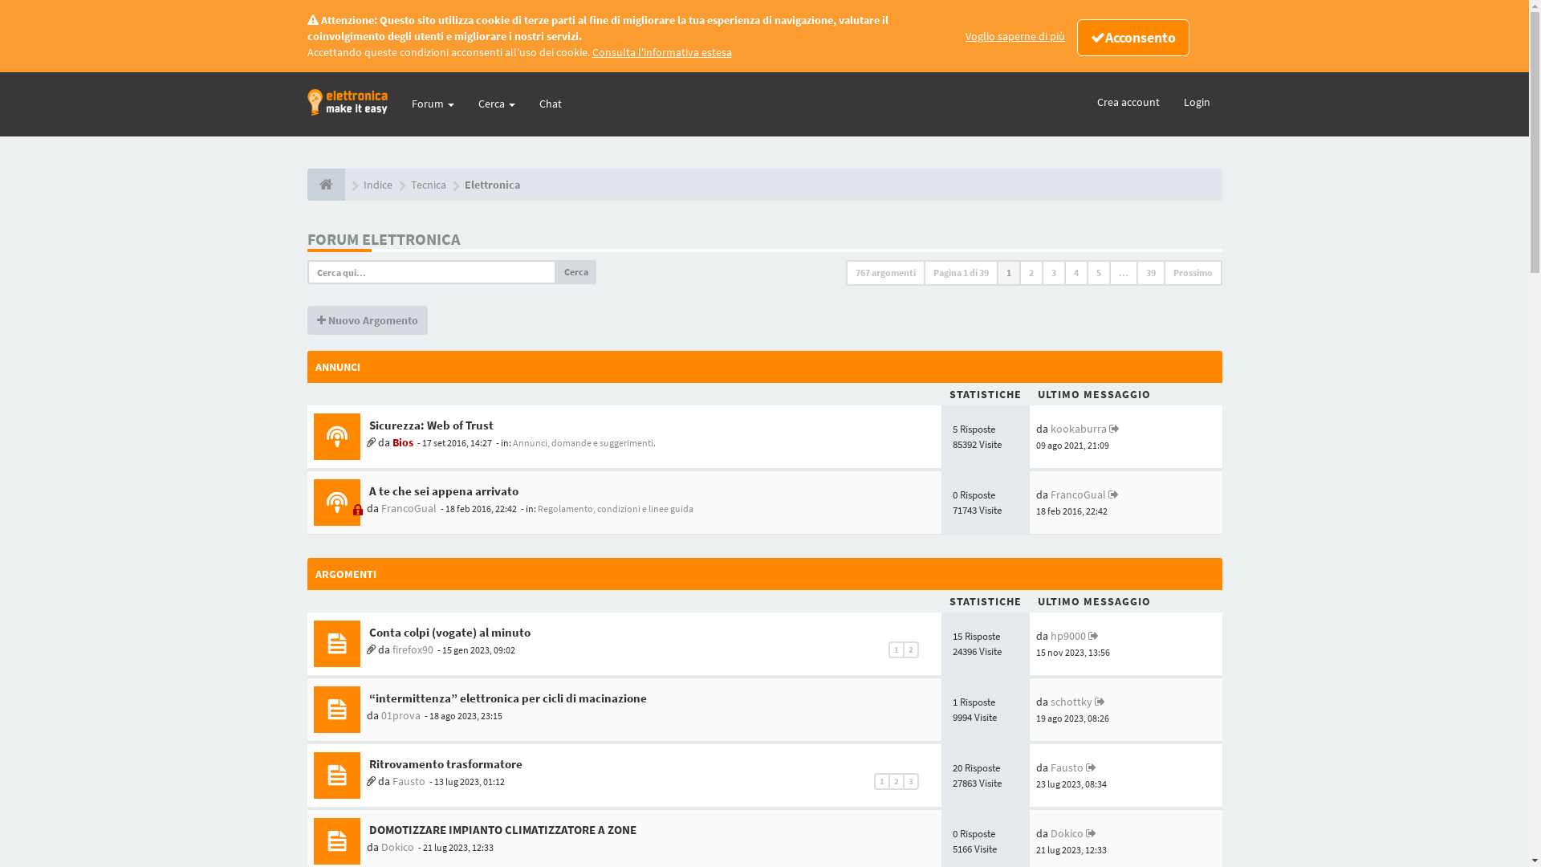  I want to click on 'schottky', so click(1071, 701).